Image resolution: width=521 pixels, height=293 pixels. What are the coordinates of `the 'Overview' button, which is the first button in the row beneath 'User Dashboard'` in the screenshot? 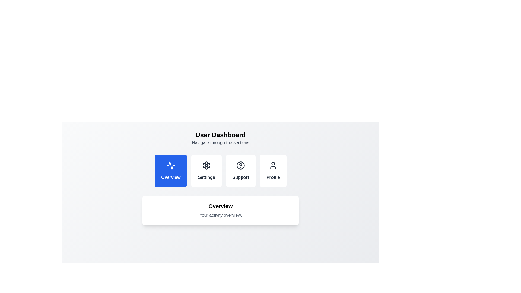 It's located at (170, 170).